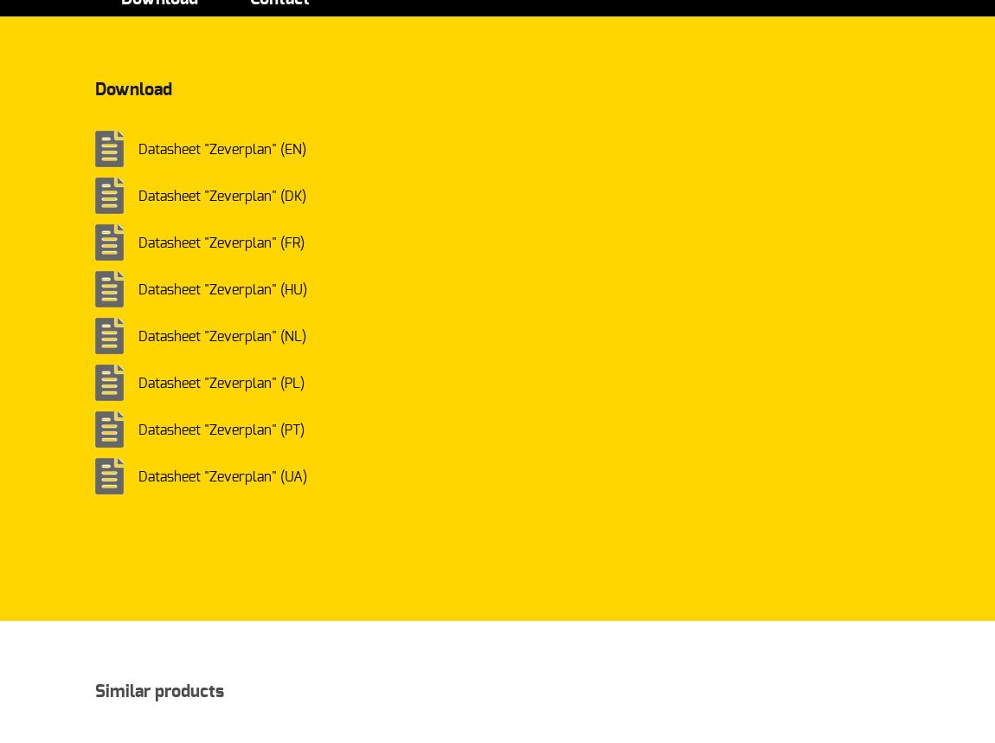  I want to click on 'Datasheet "Zeverplan" (FR)', so click(220, 242).